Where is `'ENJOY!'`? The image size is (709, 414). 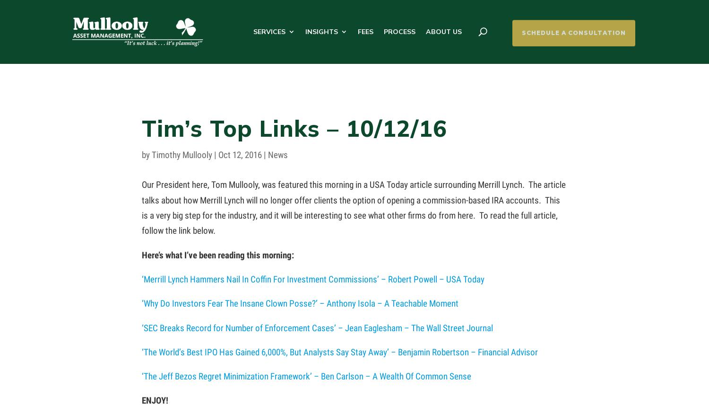 'ENJOY!' is located at coordinates (155, 400).